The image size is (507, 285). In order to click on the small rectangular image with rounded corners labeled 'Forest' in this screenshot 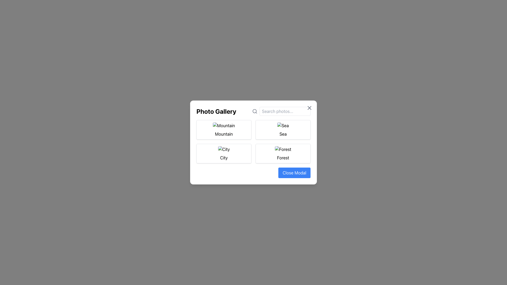, I will do `click(283, 149)`.